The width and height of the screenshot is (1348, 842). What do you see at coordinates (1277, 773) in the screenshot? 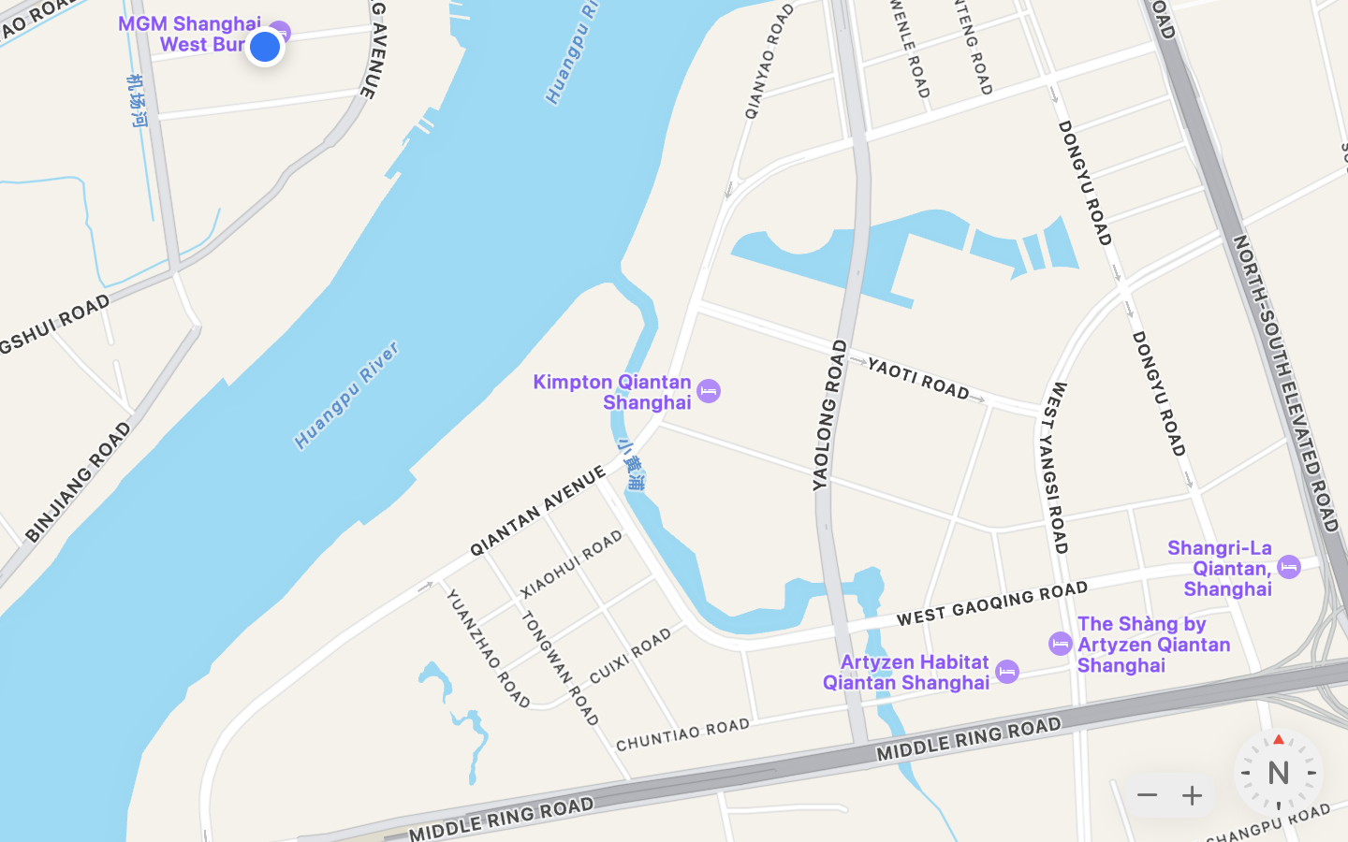
I see `'Heading: 0 degrees North'` at bounding box center [1277, 773].